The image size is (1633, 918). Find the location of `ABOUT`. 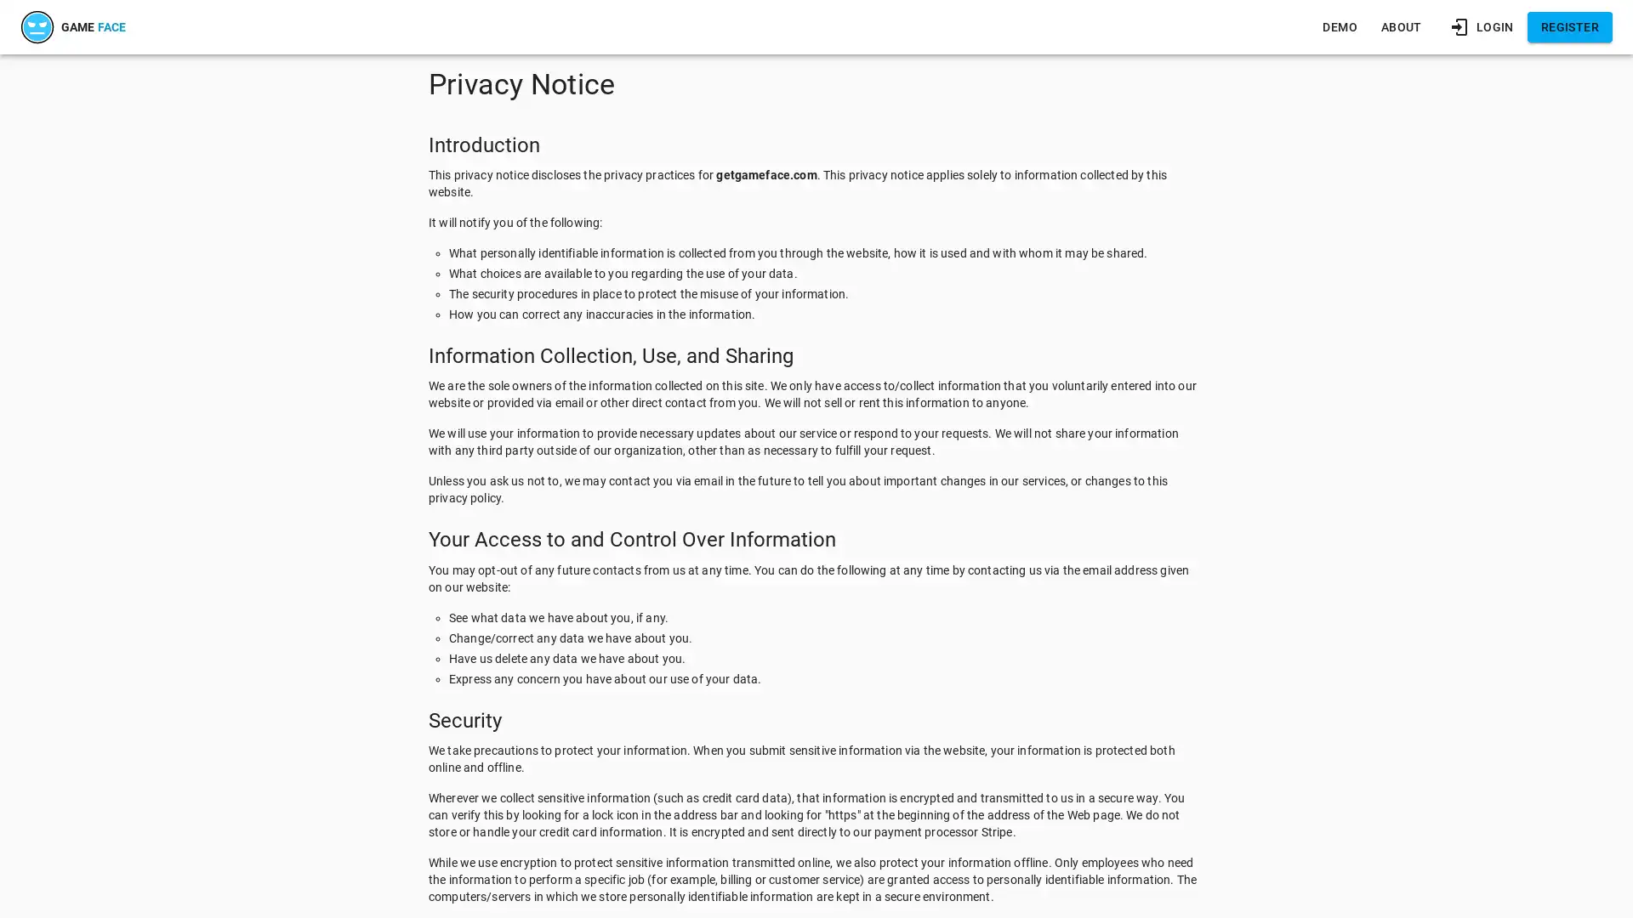

ABOUT is located at coordinates (1400, 26).